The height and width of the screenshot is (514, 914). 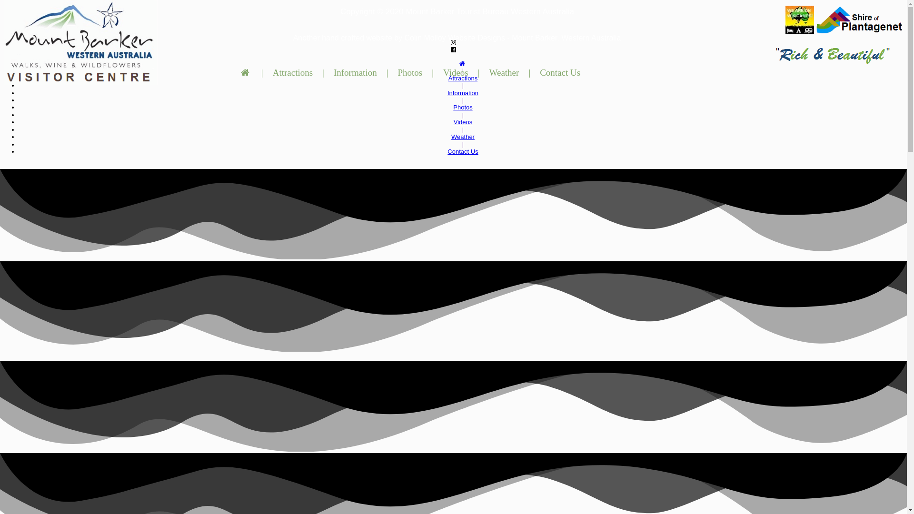 What do you see at coordinates (462, 114) in the screenshot?
I see `'|'` at bounding box center [462, 114].